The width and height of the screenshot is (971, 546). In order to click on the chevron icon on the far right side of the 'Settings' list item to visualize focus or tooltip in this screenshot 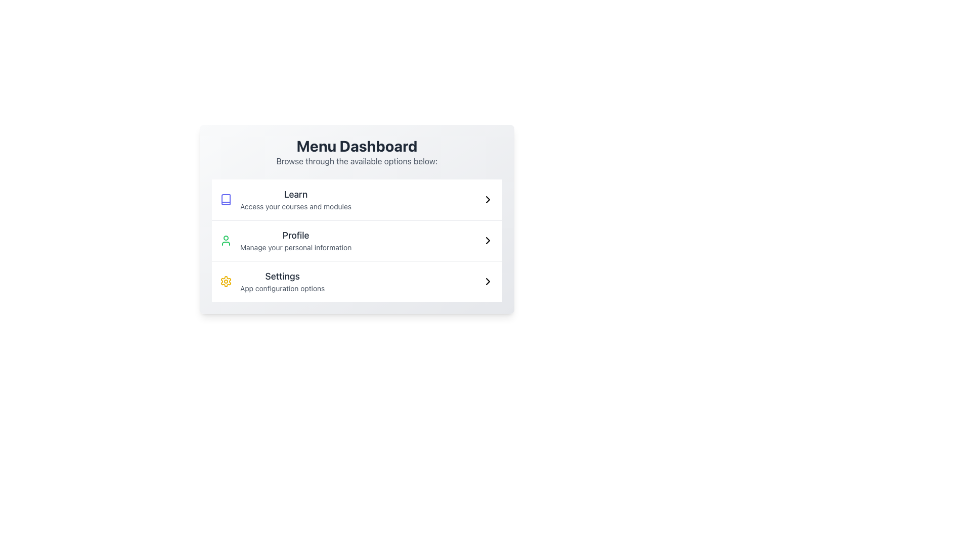, I will do `click(488, 281)`.